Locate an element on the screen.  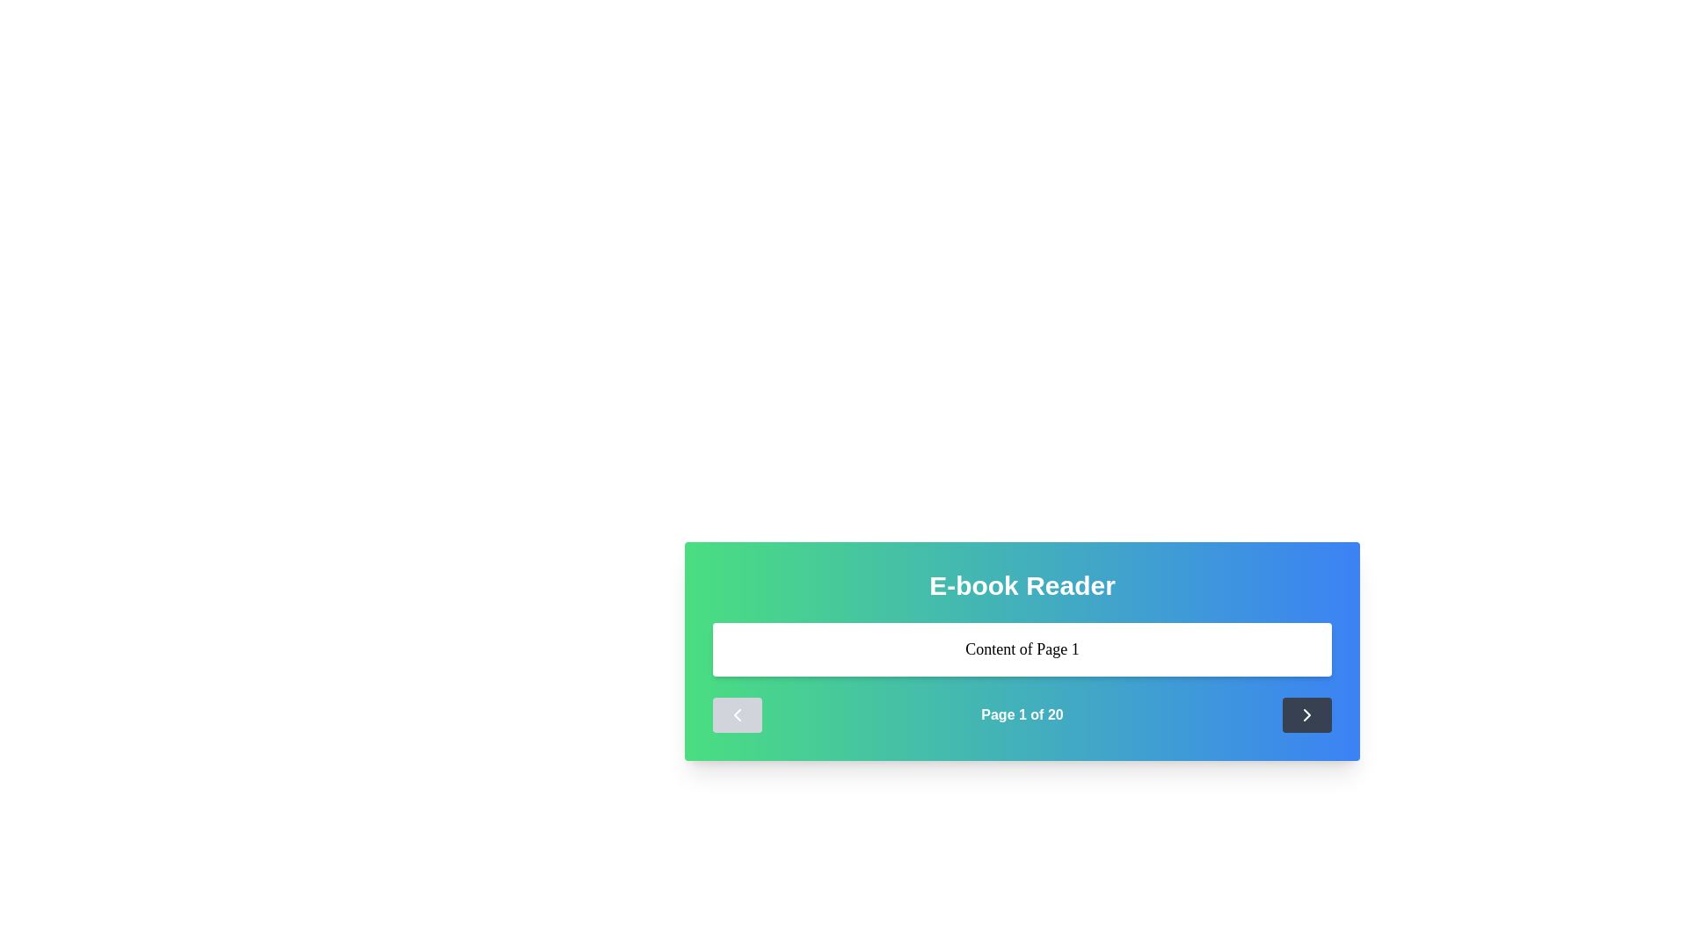
the icon located in the dark rectangular button at the bottom-right corner of the interface to initiate keyboard navigation is located at coordinates (1307, 715).